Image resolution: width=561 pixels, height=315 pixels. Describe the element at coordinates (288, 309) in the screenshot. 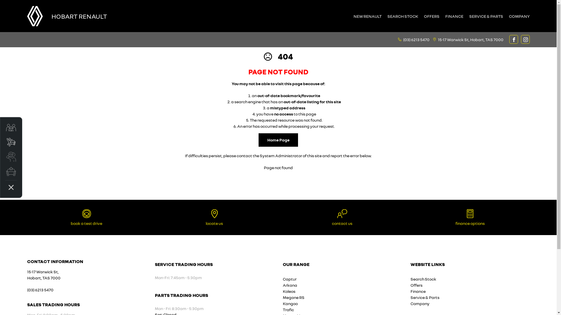

I see `'Trafic'` at that location.